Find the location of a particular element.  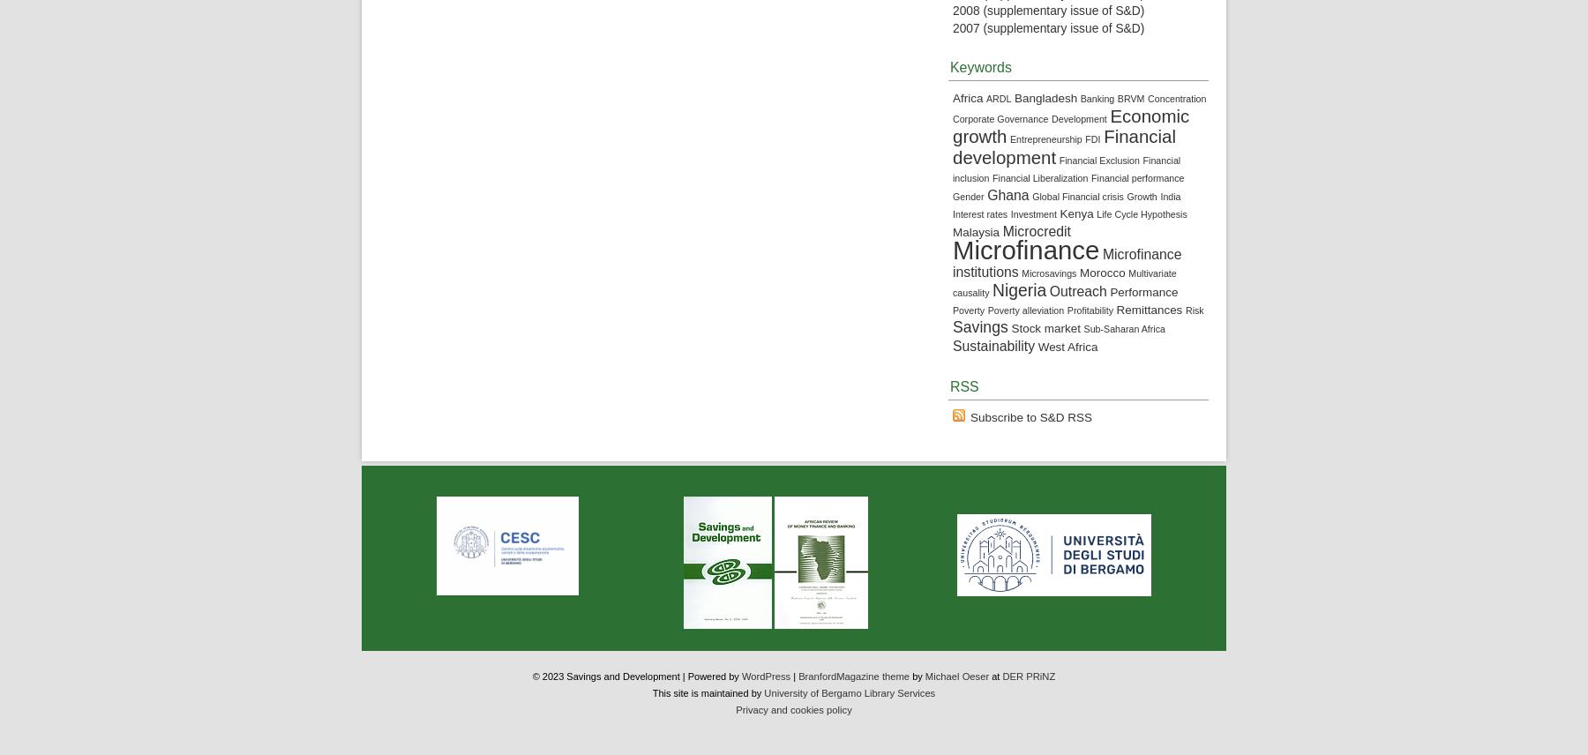

'Concentration' is located at coordinates (1176, 97).